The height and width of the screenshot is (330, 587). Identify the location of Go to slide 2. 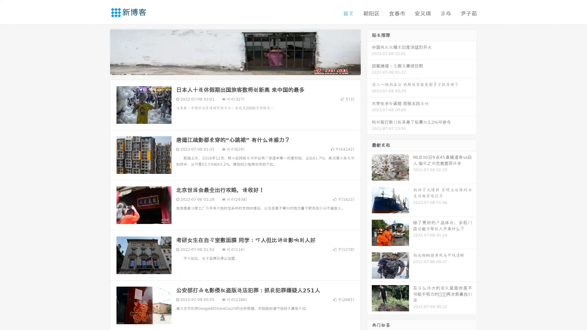
(235, 69).